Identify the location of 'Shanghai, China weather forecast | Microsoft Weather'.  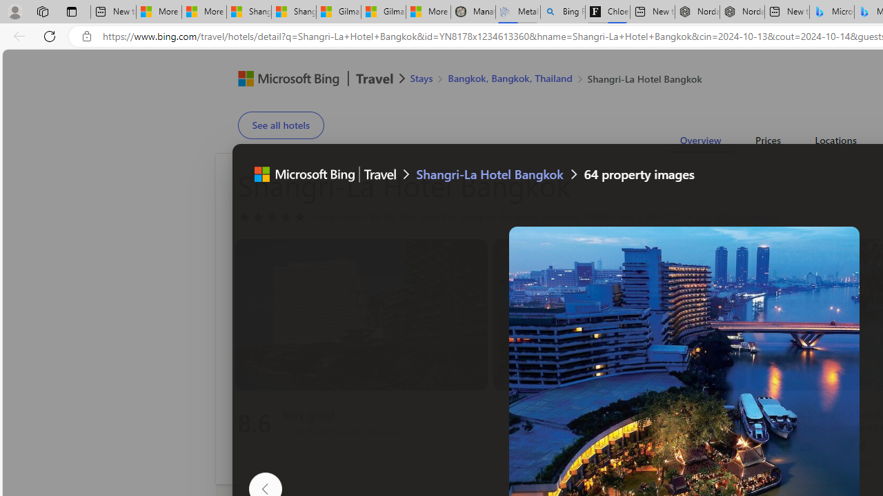
(293, 12).